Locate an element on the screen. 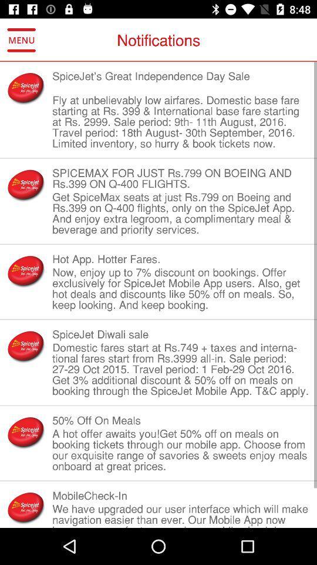 This screenshot has width=317, height=565. mini image which is left to 50 off on meals is located at coordinates (26, 431).